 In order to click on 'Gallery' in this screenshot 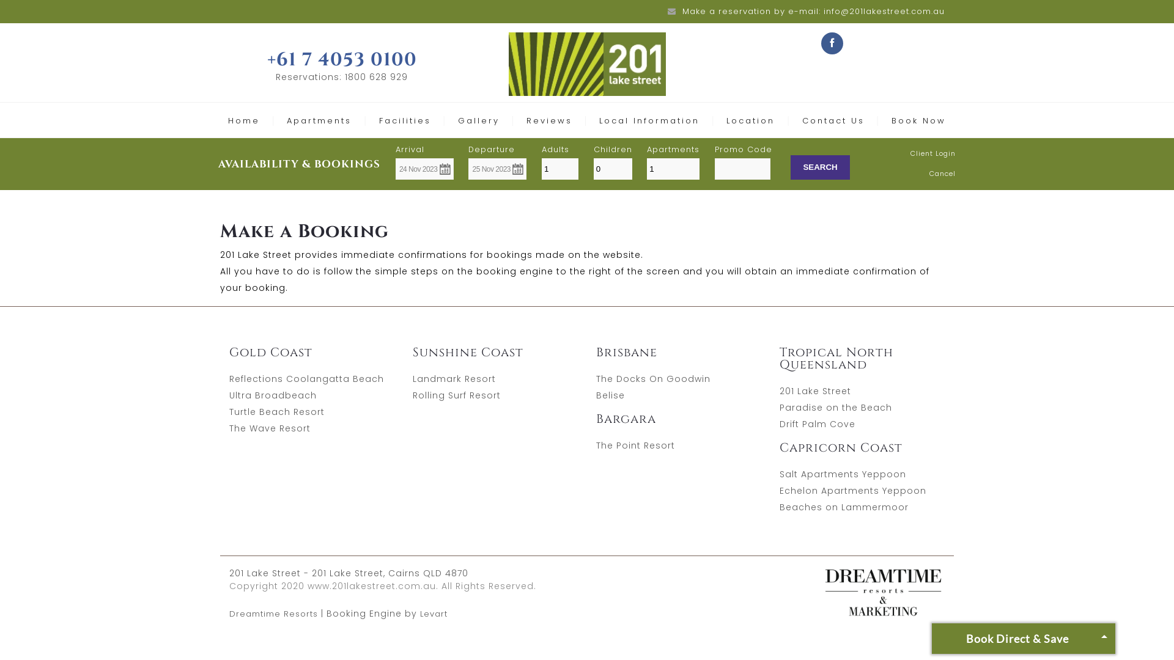, I will do `click(478, 120)`.